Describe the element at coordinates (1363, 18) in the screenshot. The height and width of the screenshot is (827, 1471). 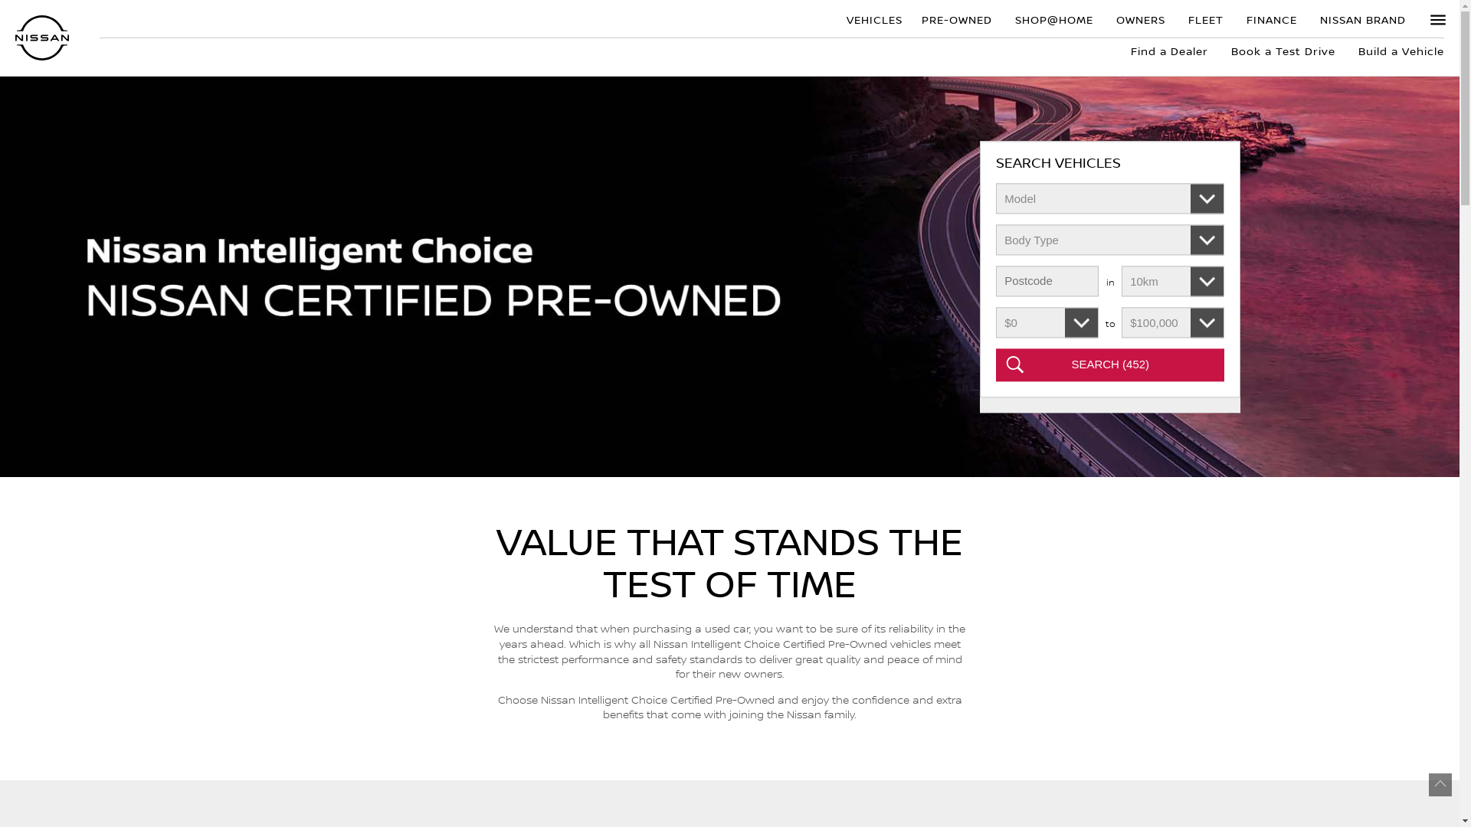
I see `'NISSAN BRAND'` at that location.